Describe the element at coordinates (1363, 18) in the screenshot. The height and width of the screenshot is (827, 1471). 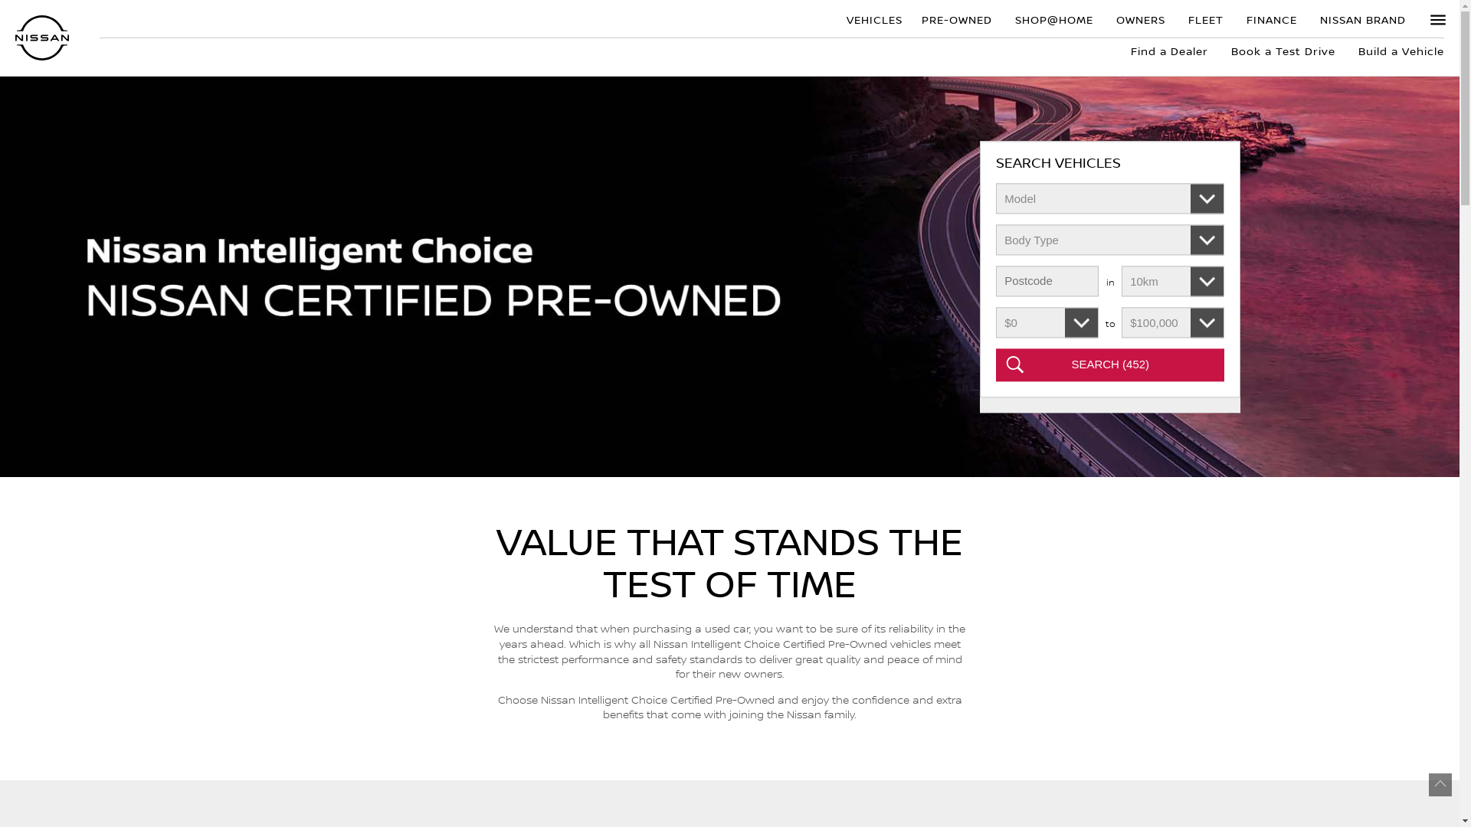
I see `'NISSAN BRAND'` at that location.